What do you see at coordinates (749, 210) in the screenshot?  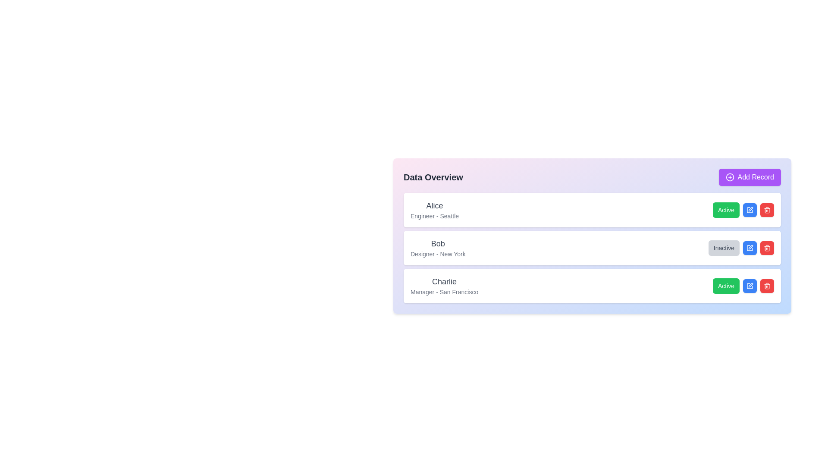 I see `the pen icon located in the action section of the second data entry row titled 'Bob' to initiate editing` at bounding box center [749, 210].